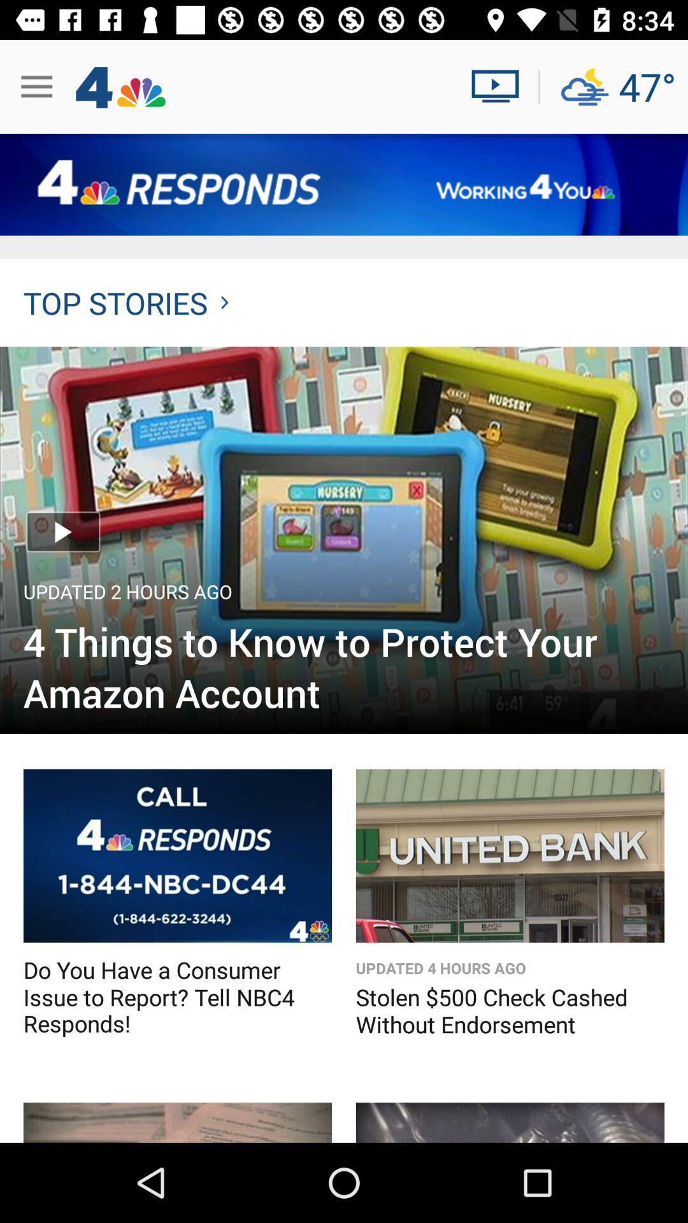 This screenshot has width=688, height=1223. Describe the element at coordinates (125, 302) in the screenshot. I see `the top stories` at that location.